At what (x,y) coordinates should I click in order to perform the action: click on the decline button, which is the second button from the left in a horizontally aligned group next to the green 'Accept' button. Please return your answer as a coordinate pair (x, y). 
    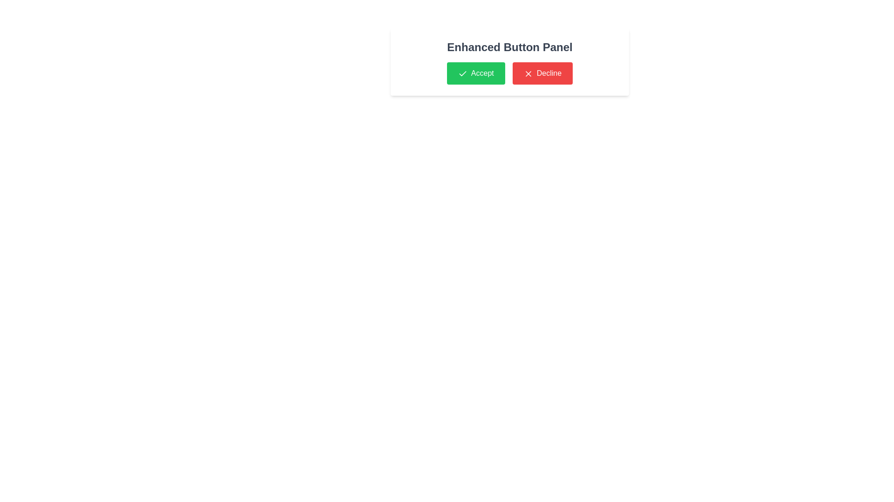
    Looking at the image, I should click on (542, 73).